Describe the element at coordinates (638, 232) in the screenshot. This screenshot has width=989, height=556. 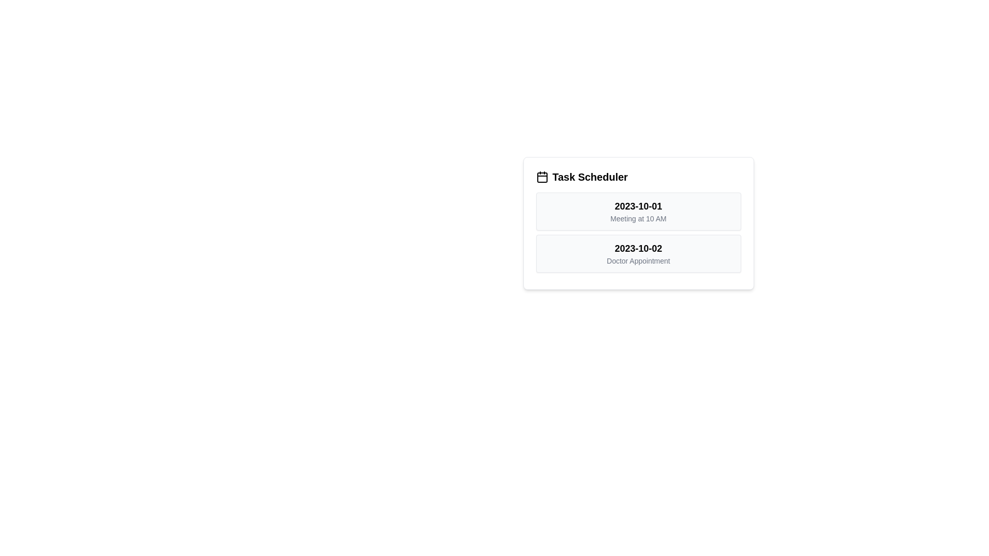
I see `the details of the appointment entry in the List of informational items located in the 'Task Scheduler' section, positioned below the title` at that location.